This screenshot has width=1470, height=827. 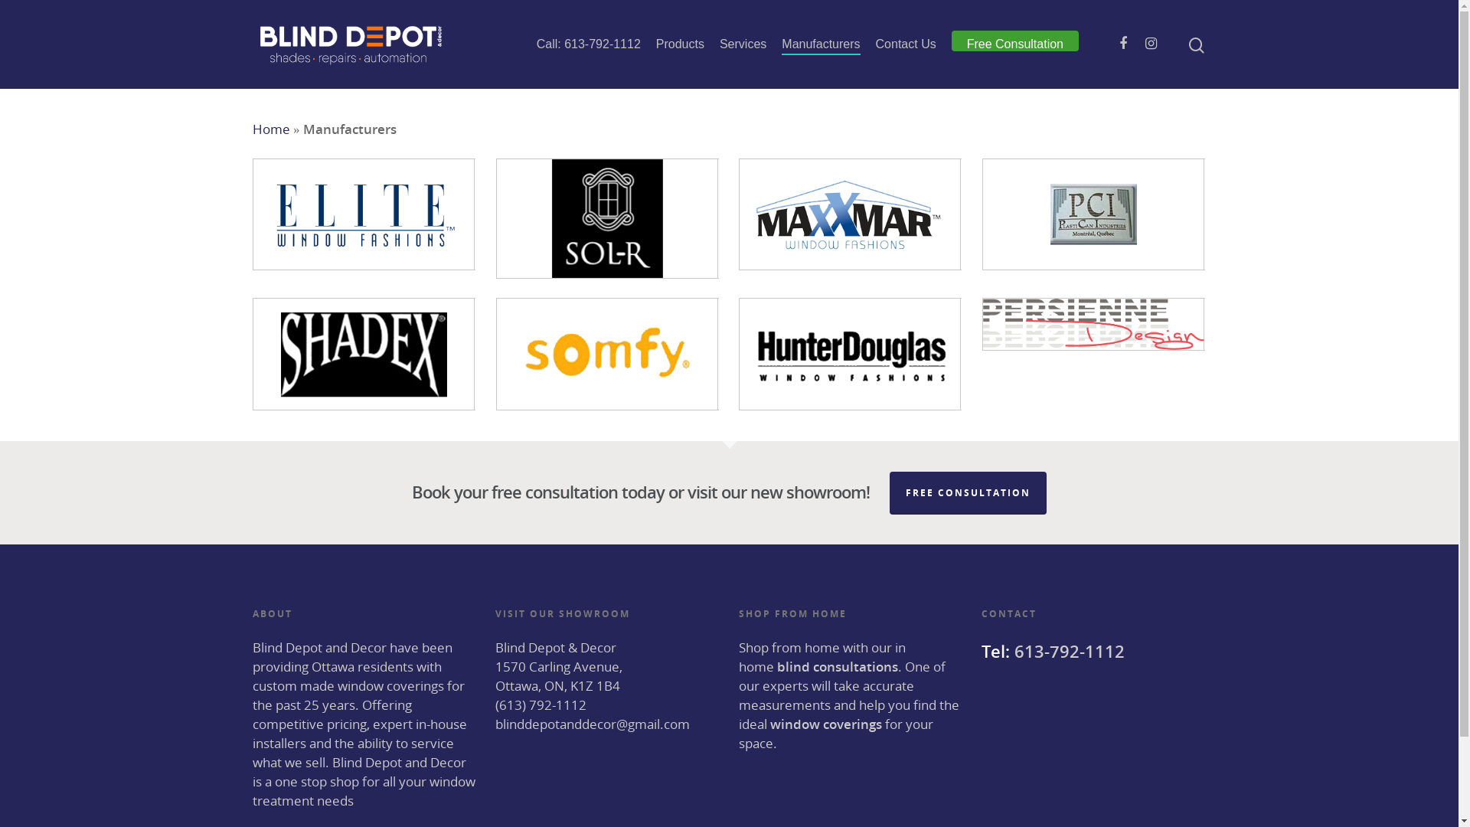 I want to click on 'Free Consultation', so click(x=1014, y=43).